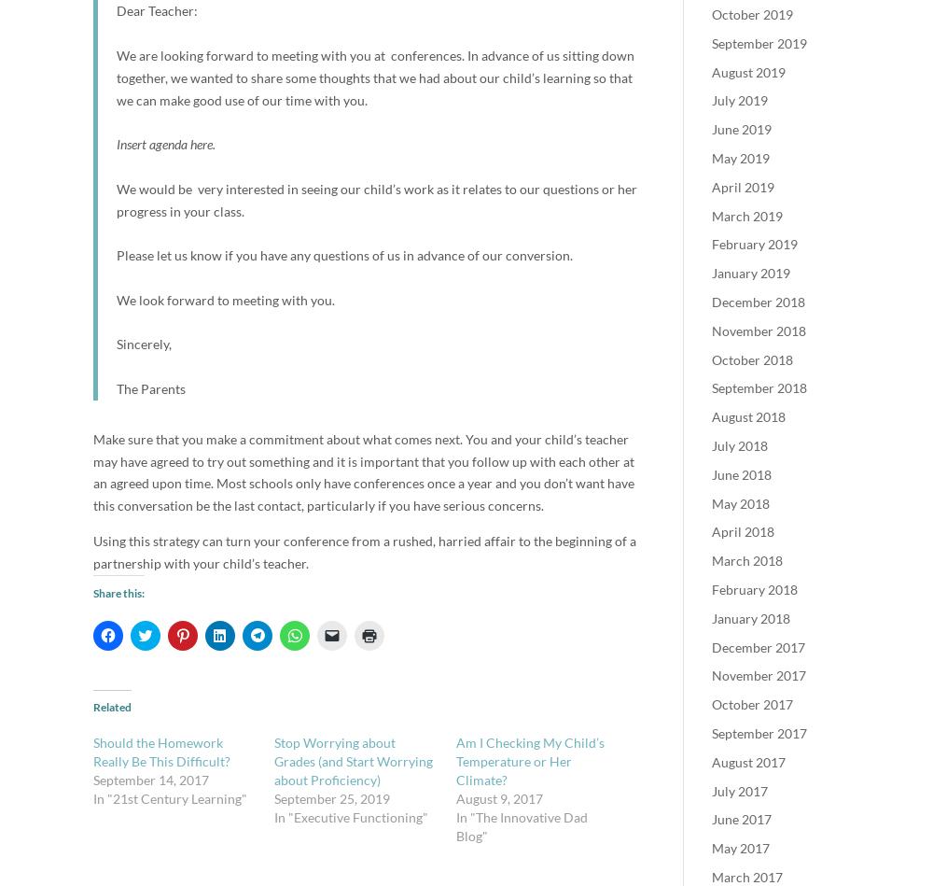 The image size is (933, 886). I want to click on 'October 2019', so click(712, 14).